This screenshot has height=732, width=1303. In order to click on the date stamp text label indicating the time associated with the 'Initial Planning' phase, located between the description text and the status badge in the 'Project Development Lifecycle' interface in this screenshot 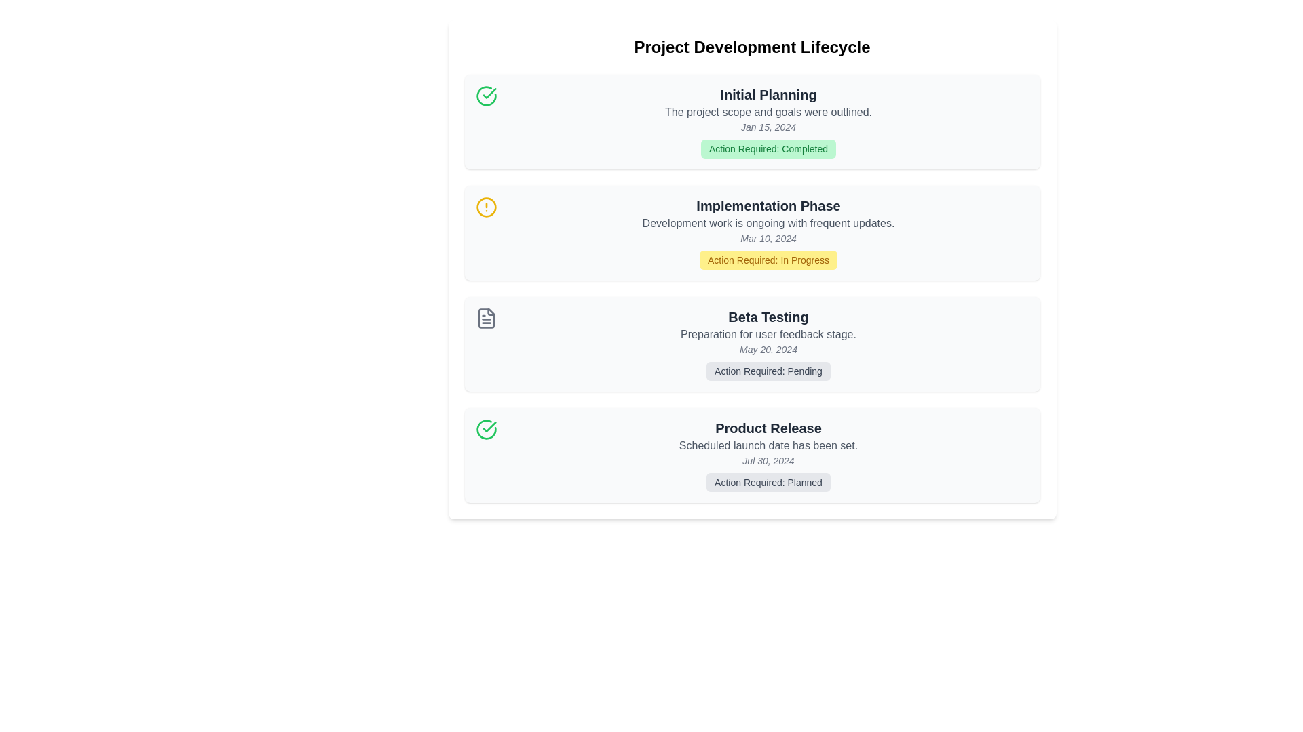, I will do `click(768, 127)`.